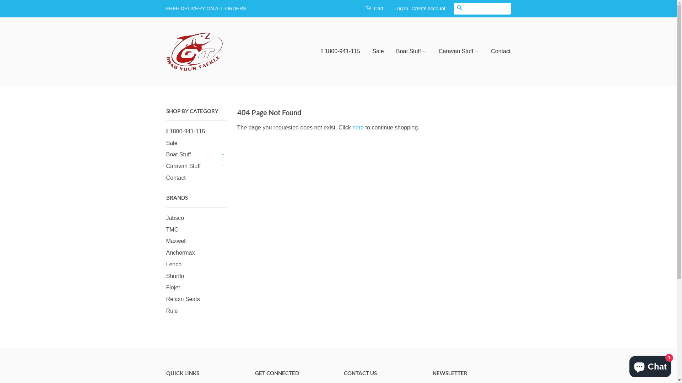  What do you see at coordinates (166, 229) in the screenshot?
I see `'TMC'` at bounding box center [166, 229].